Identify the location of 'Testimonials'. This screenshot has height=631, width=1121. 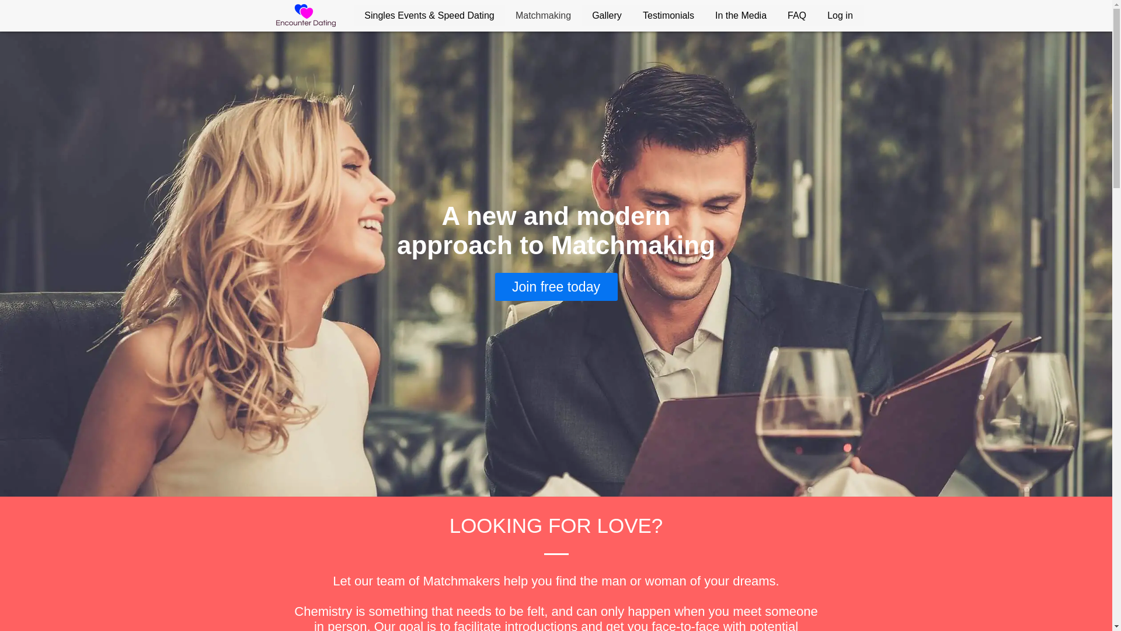
(667, 16).